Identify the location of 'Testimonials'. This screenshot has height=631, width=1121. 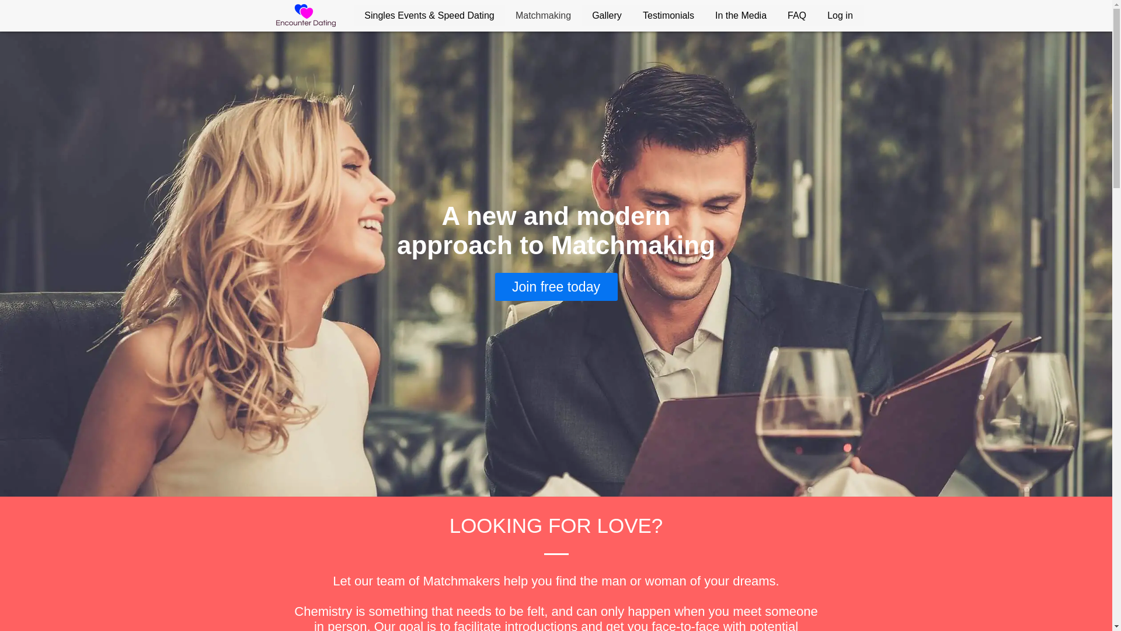
(667, 16).